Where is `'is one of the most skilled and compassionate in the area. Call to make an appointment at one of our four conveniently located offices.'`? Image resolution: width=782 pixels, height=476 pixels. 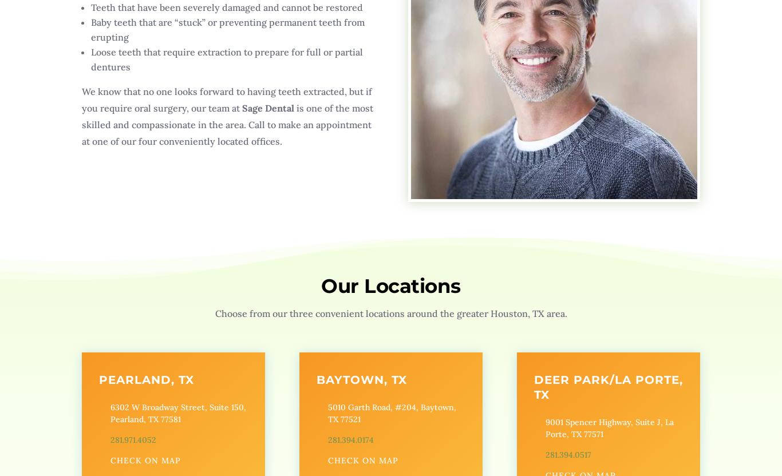 'is one of the most skilled and compassionate in the area. Call to make an appointment at one of our four conveniently located offices.' is located at coordinates (227, 124).